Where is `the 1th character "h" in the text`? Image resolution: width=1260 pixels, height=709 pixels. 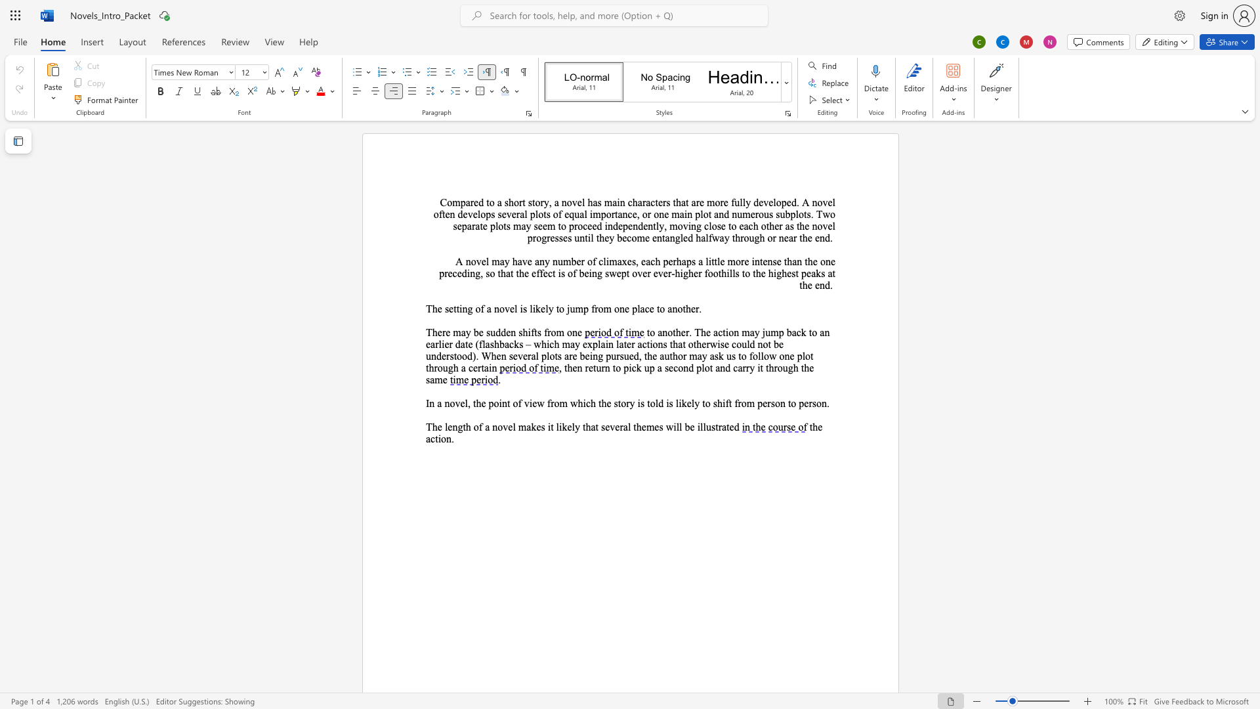
the 1th character "h" in the text is located at coordinates (510, 202).